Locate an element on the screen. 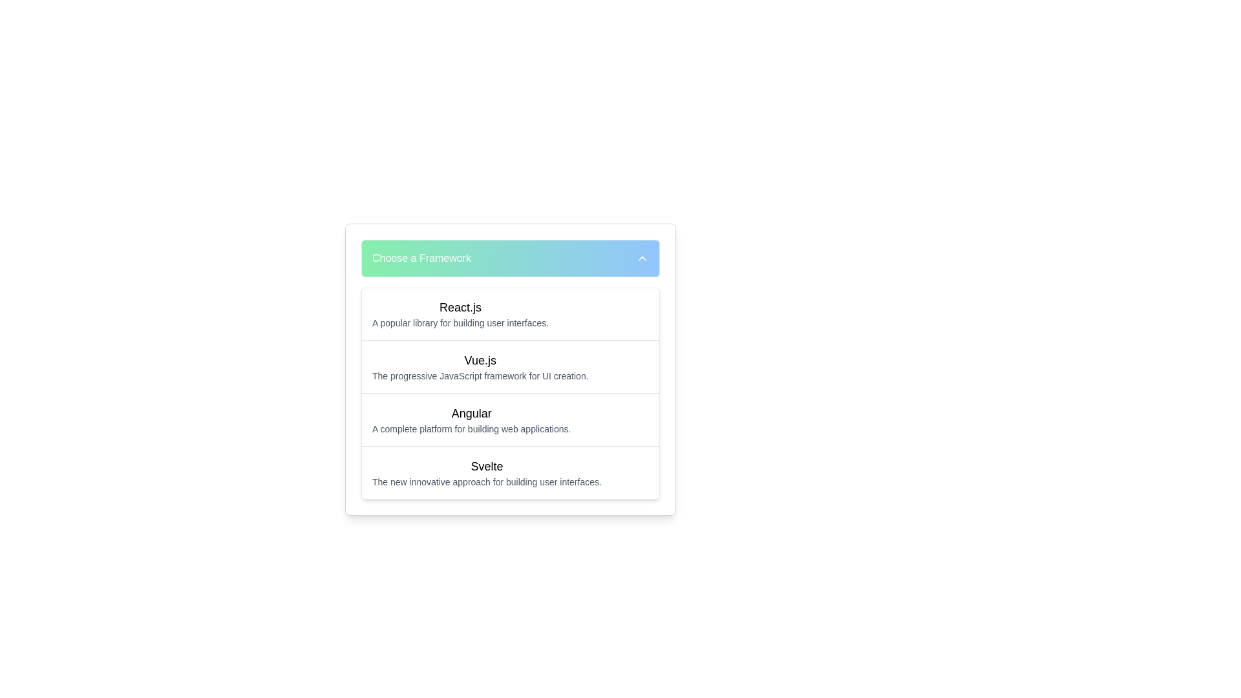 The width and height of the screenshot is (1241, 698). text label displaying 'Svelte', which is the headline for the last item in the list of frameworks is located at coordinates (486, 466).